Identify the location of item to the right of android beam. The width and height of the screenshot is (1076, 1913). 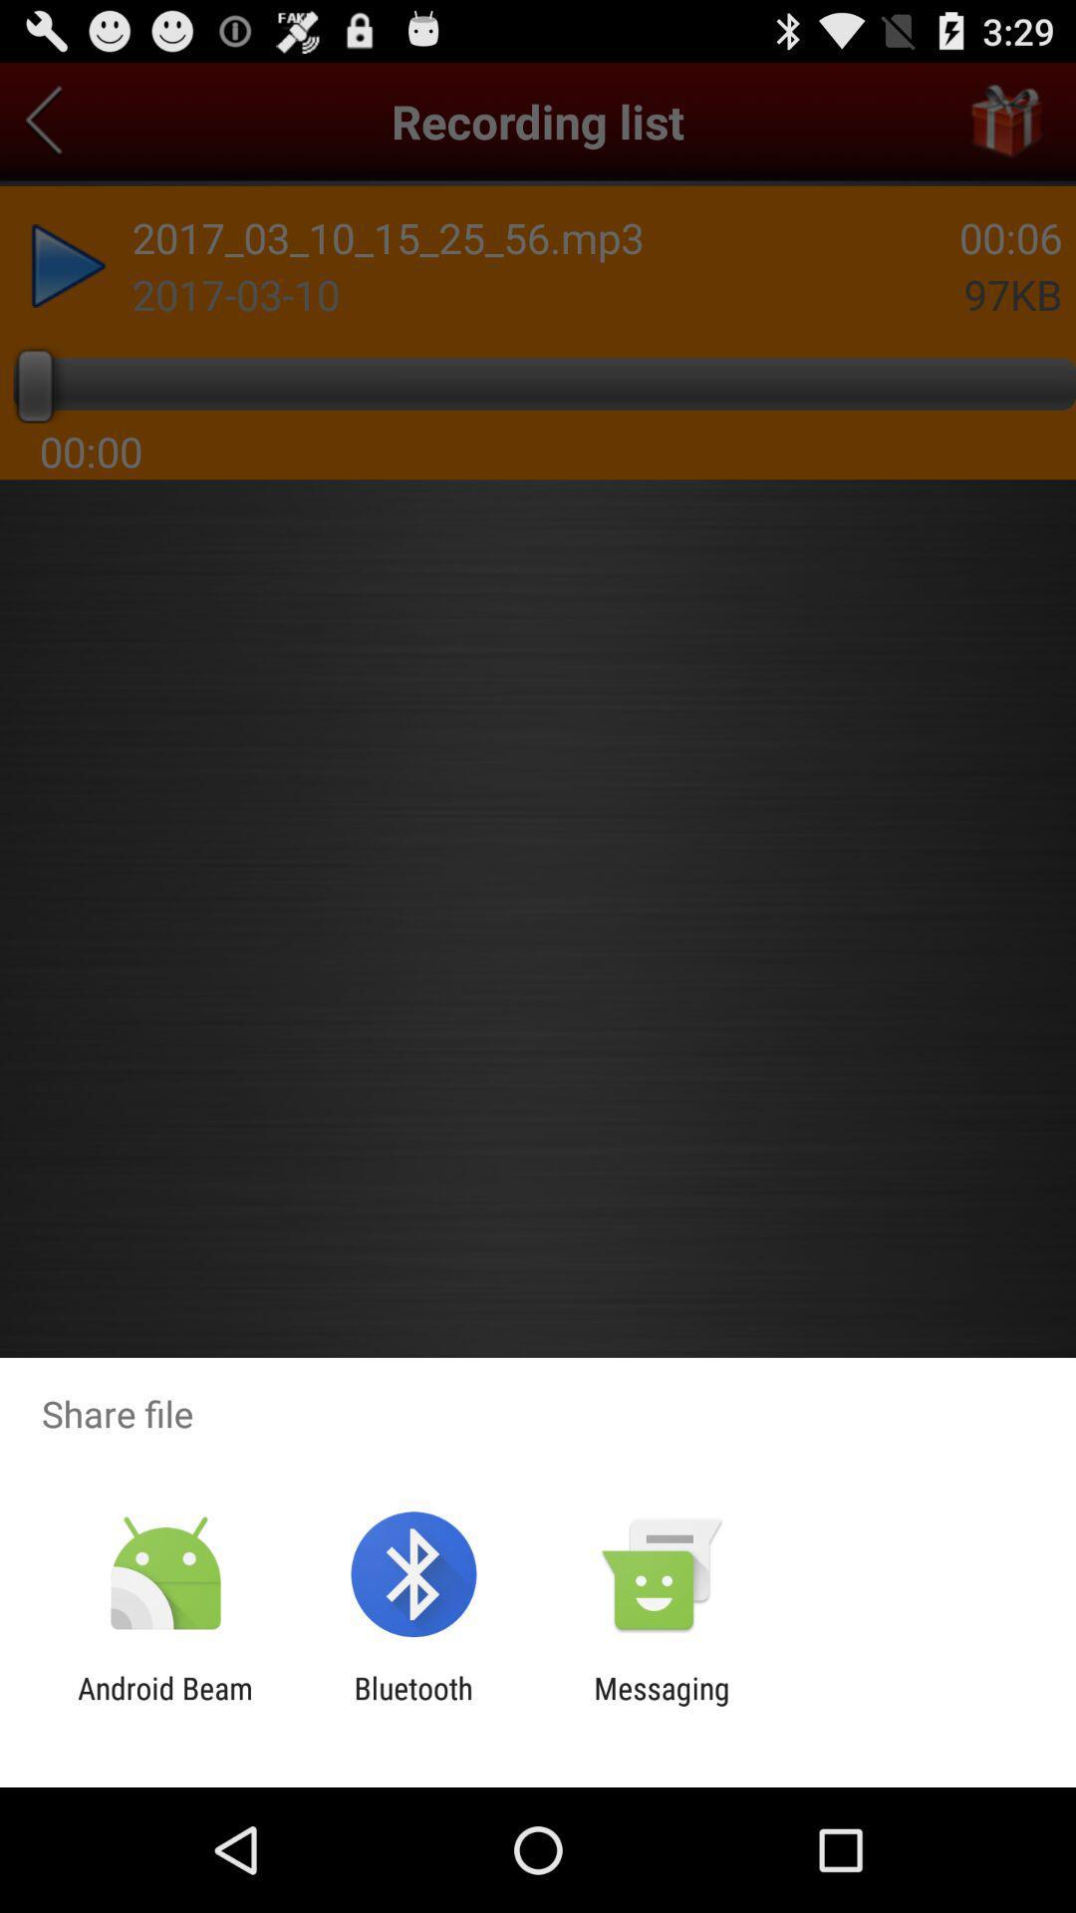
(412, 1705).